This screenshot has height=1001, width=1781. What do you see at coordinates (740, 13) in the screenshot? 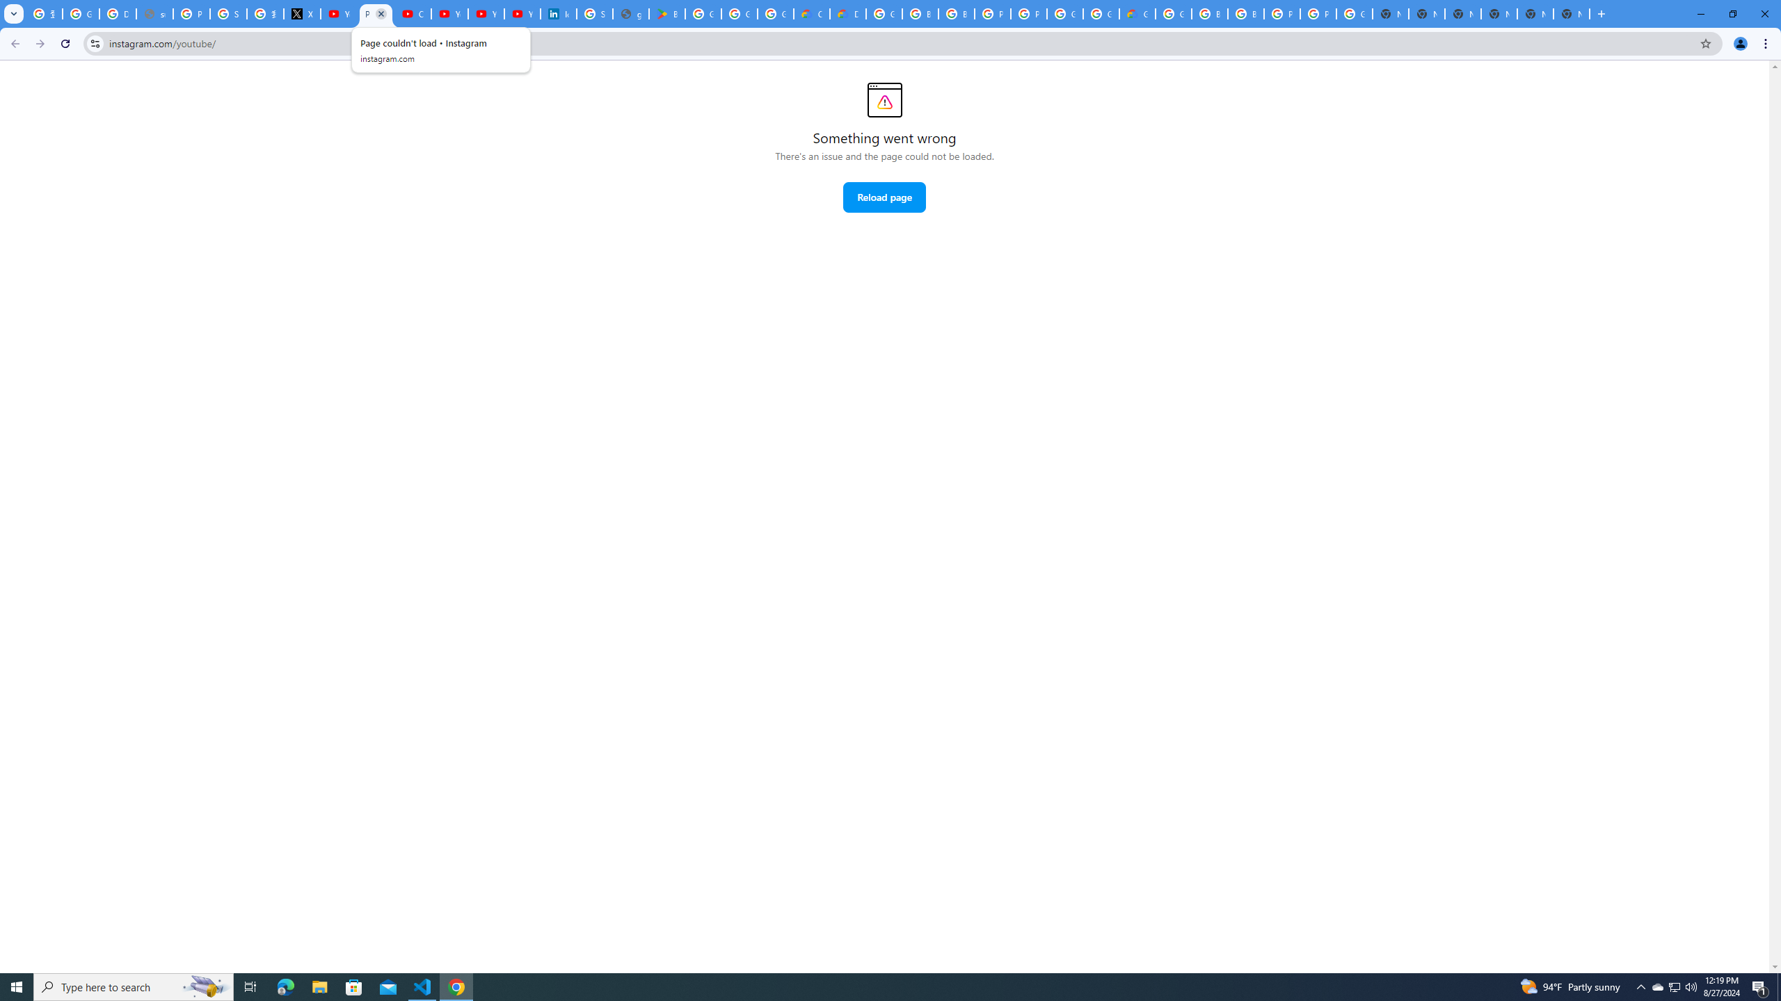
I see `'Google Workspace - Specific Terms'` at bounding box center [740, 13].